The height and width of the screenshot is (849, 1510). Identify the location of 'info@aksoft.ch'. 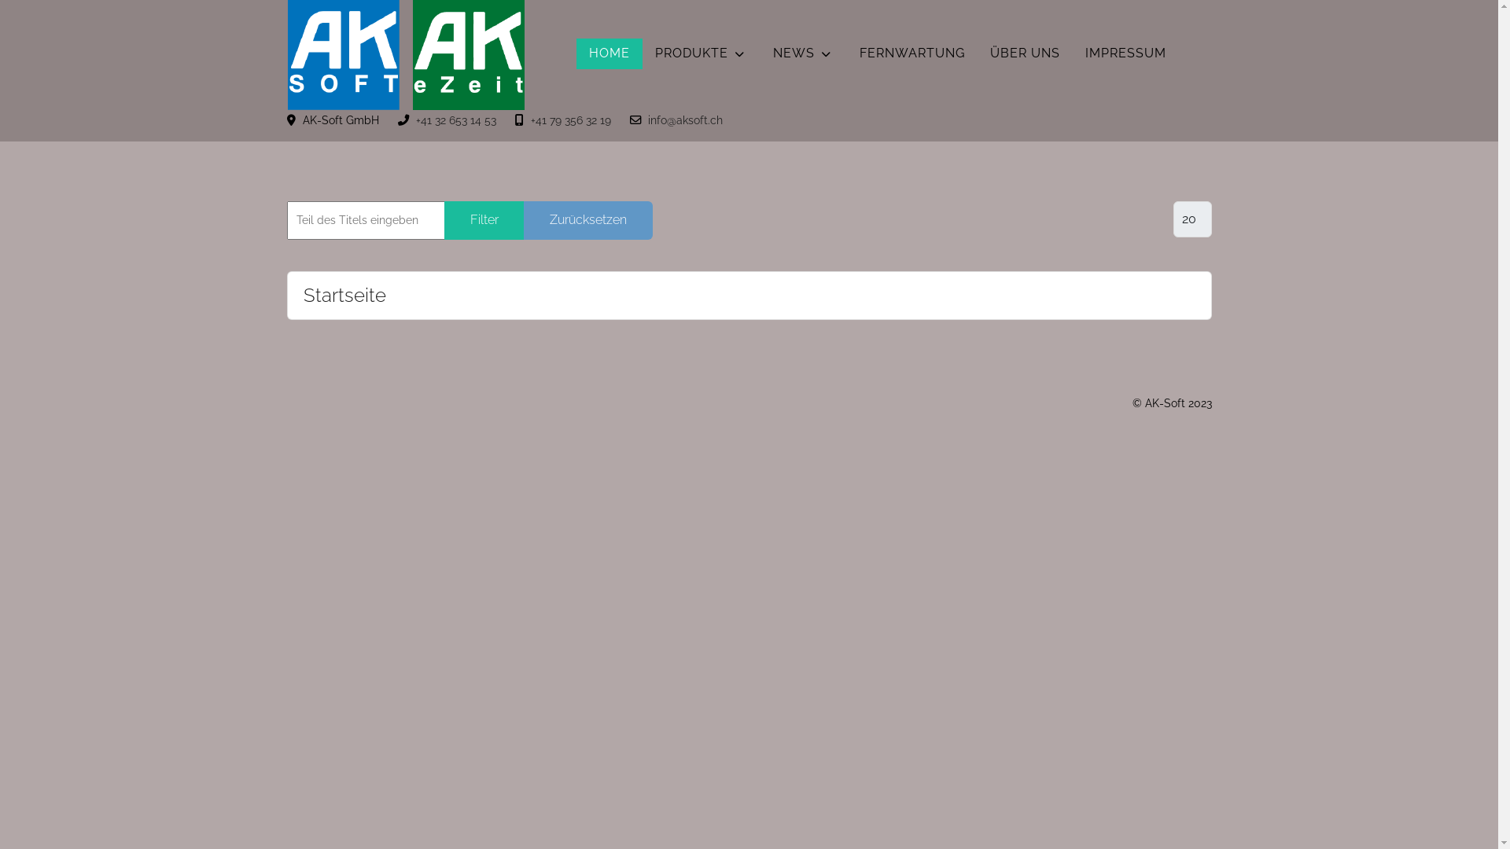
(685, 119).